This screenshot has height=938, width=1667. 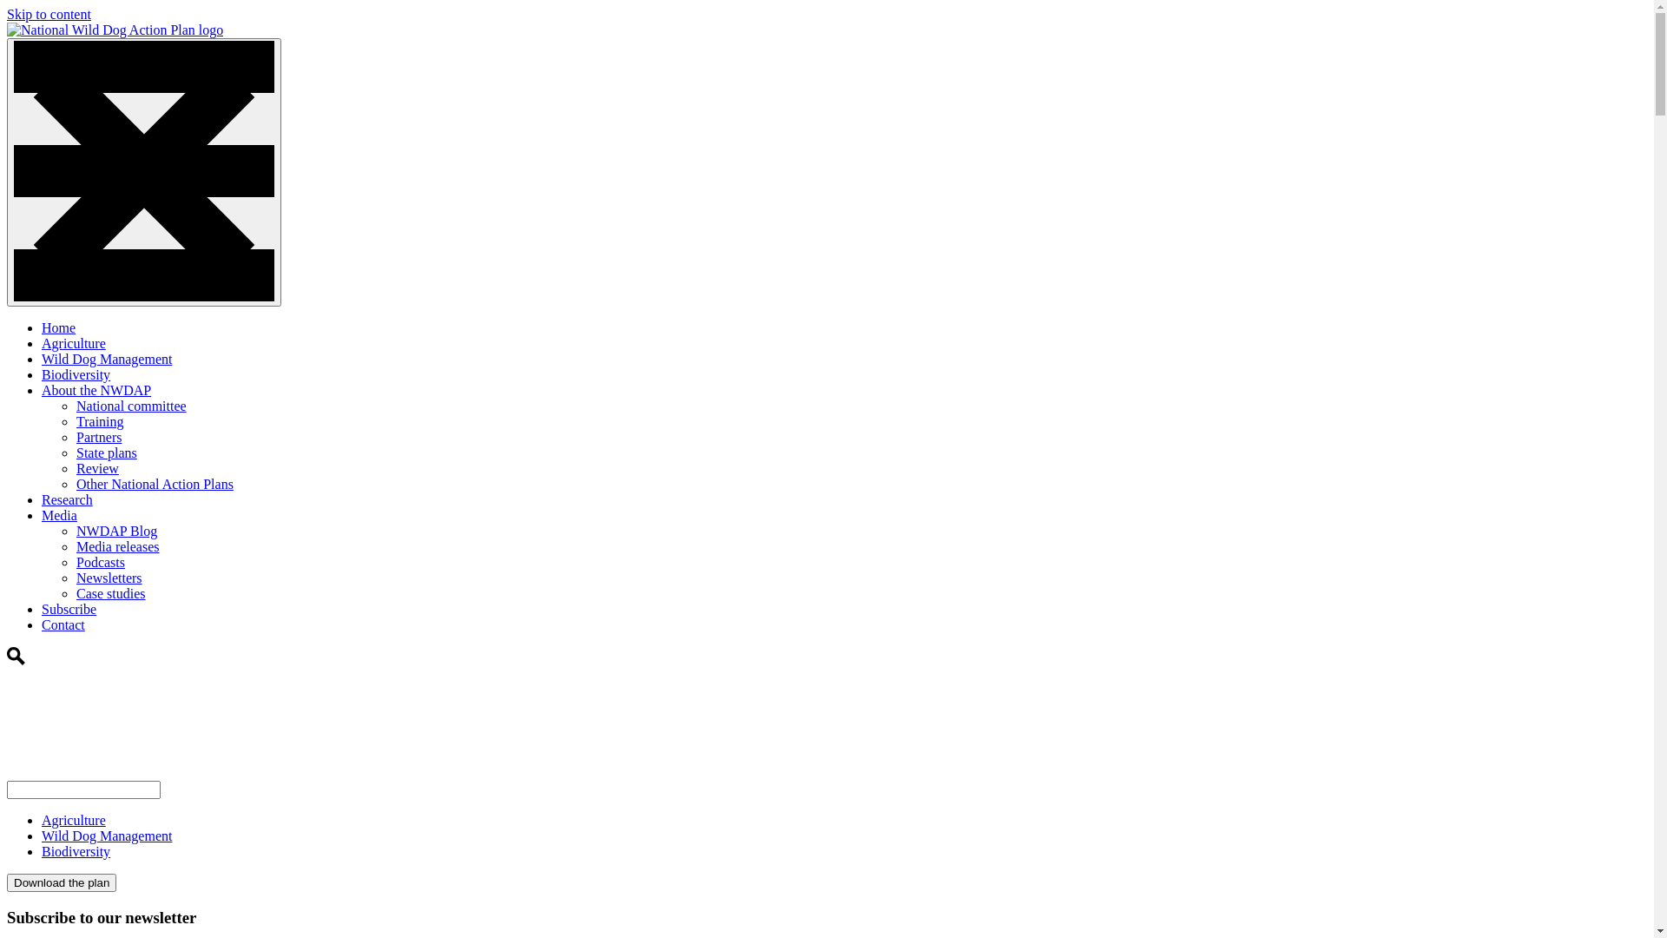 What do you see at coordinates (110, 592) in the screenshot?
I see `'Case studies'` at bounding box center [110, 592].